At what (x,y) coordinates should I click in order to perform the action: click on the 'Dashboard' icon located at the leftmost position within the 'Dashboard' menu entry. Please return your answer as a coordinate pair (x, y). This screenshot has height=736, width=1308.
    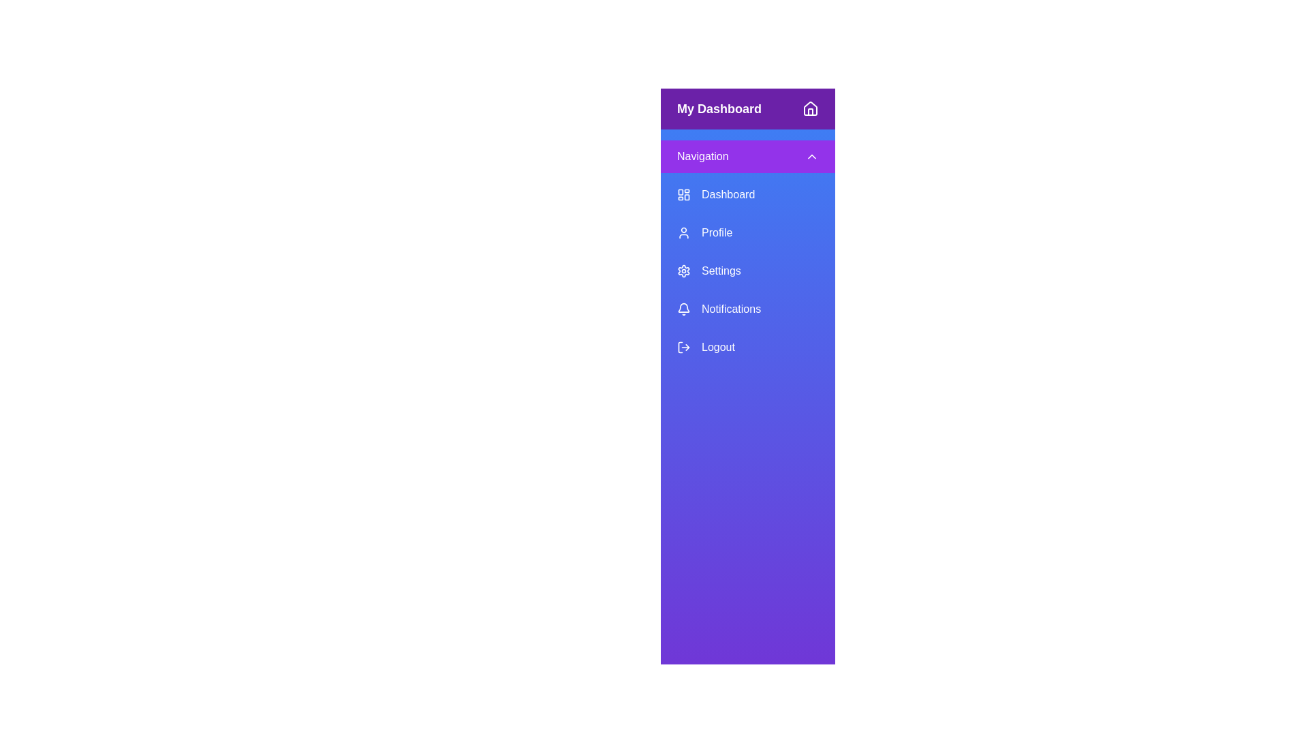
    Looking at the image, I should click on (683, 194).